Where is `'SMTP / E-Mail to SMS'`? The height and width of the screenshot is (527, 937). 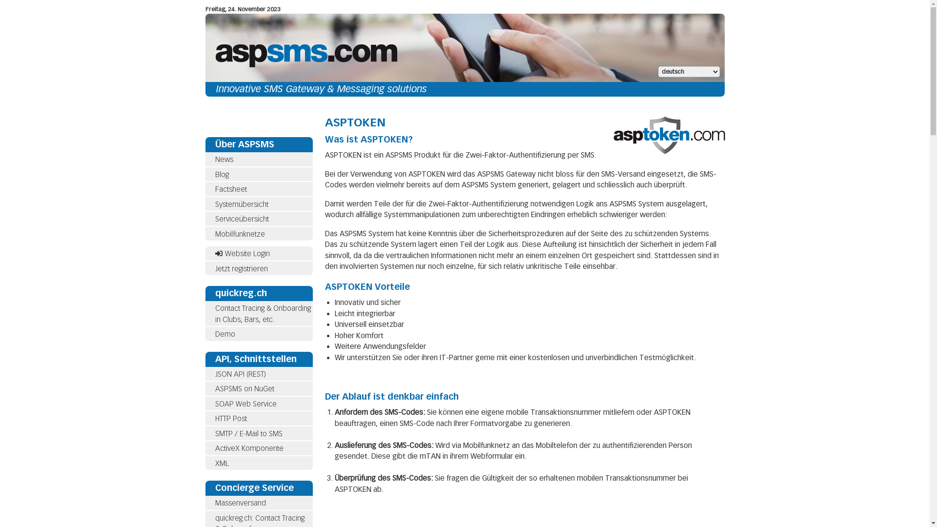
'SMTP / E-Mail to SMS' is located at coordinates (258, 433).